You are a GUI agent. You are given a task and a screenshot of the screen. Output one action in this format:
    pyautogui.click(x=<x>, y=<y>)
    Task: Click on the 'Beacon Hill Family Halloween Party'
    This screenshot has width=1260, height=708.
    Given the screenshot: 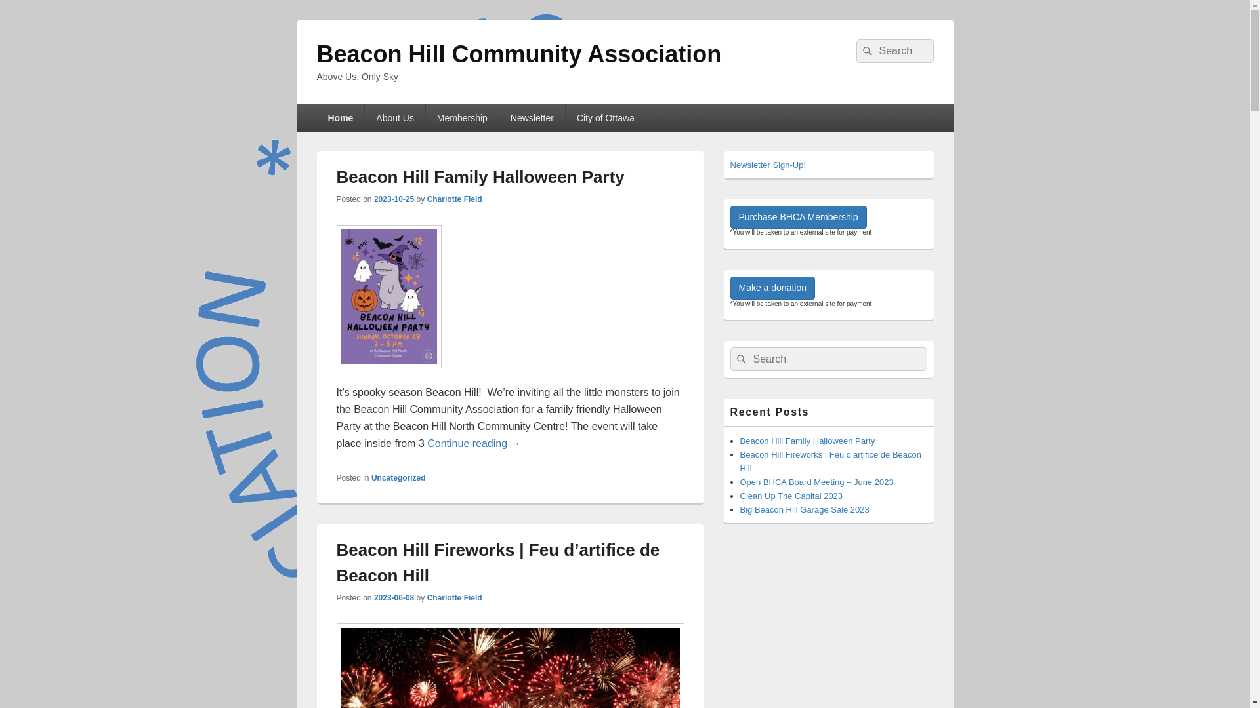 What is the action you would take?
    pyautogui.click(x=479, y=177)
    